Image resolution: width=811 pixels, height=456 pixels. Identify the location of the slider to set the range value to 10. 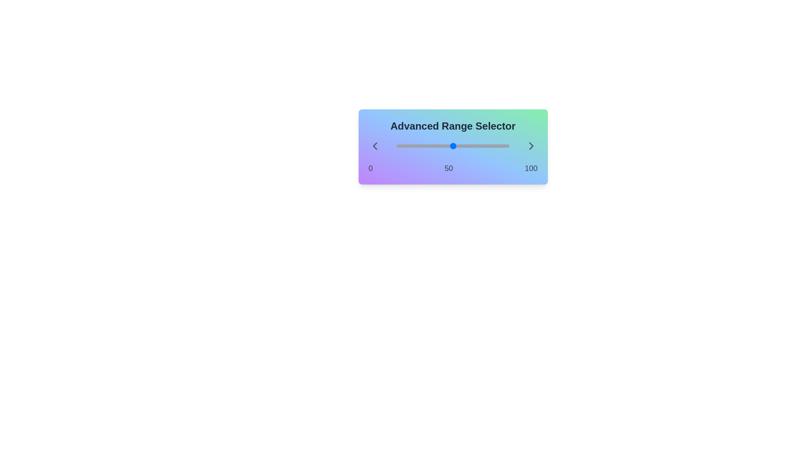
(396, 146).